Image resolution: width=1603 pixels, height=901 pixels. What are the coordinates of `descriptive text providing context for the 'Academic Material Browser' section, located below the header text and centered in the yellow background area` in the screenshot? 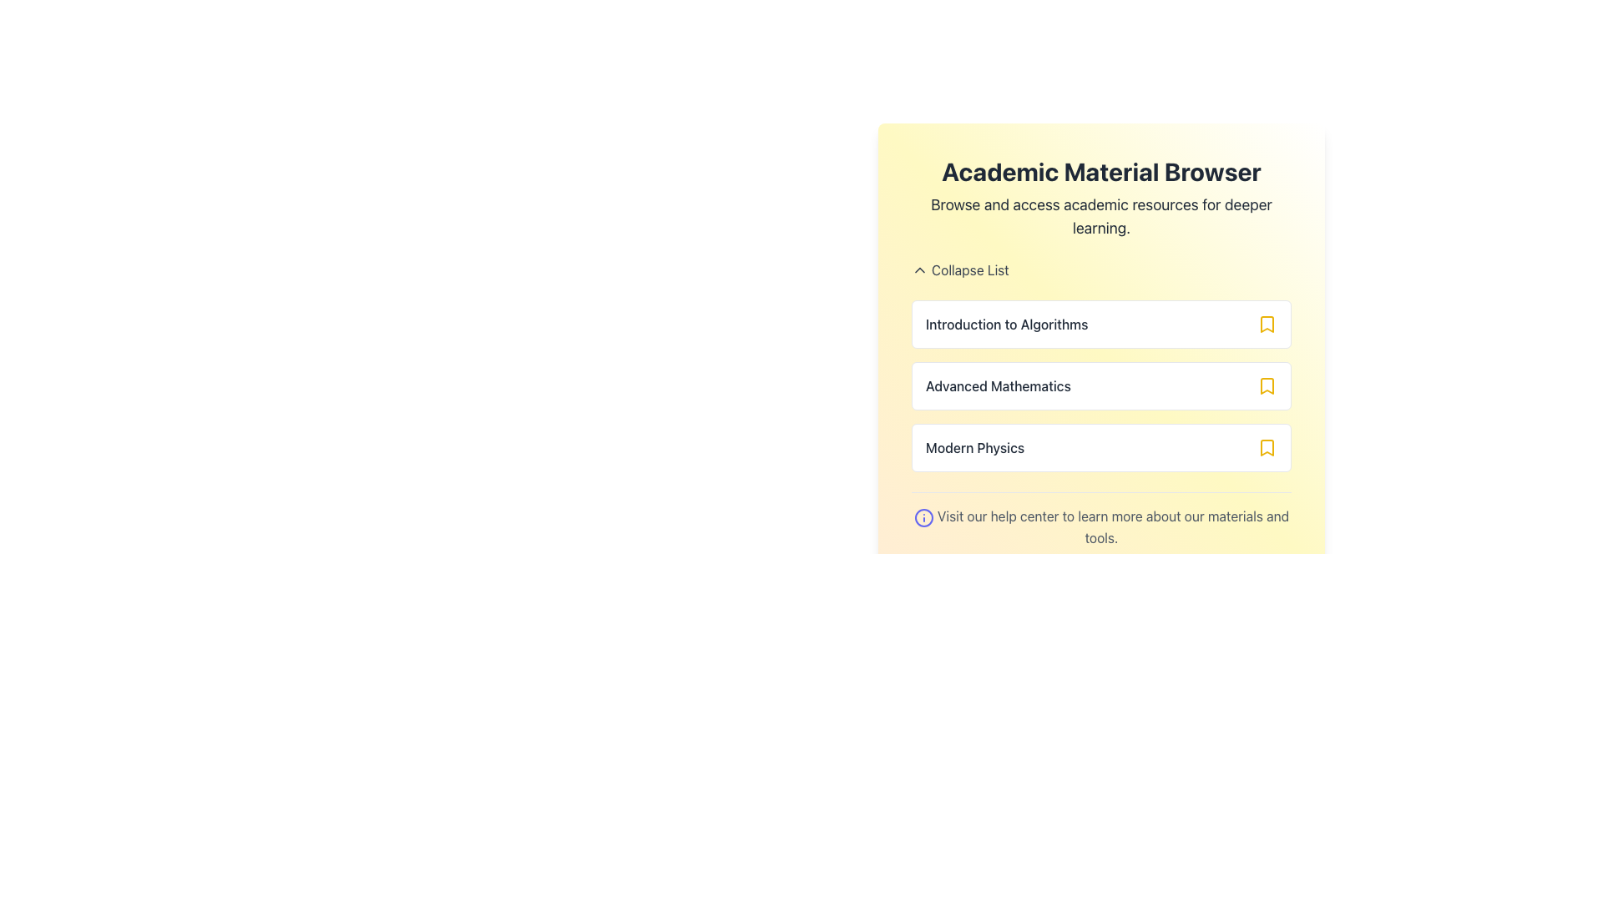 It's located at (1101, 215).